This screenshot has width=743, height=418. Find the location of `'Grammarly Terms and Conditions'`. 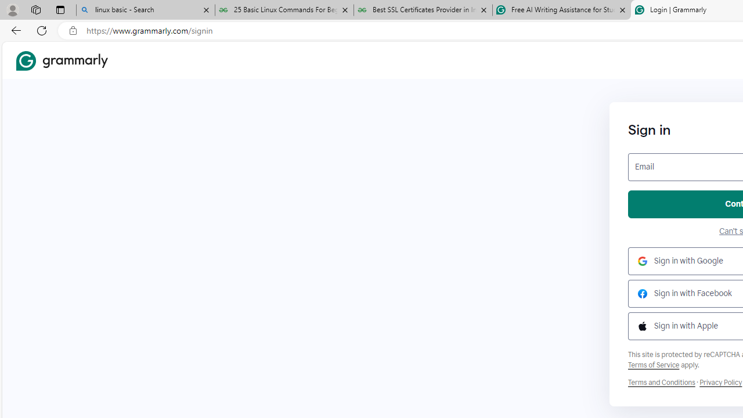

'Grammarly Terms and Conditions' is located at coordinates (661, 383).